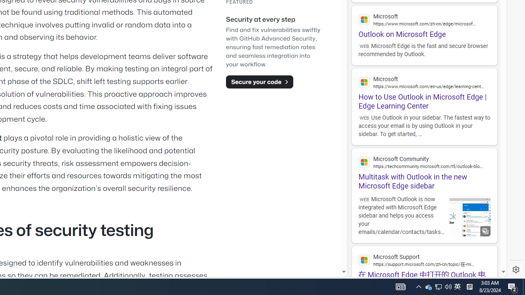 Image resolution: width=525 pixels, height=295 pixels. What do you see at coordinates (424, 162) in the screenshot?
I see `'Microsoft Community'` at bounding box center [424, 162].